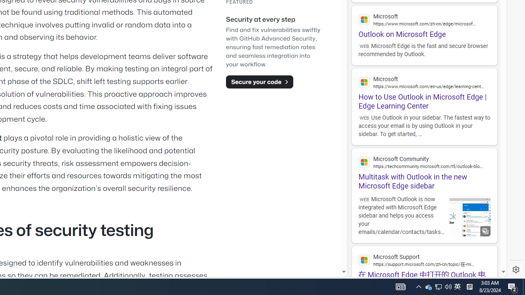 Image resolution: width=525 pixels, height=295 pixels. What do you see at coordinates (424, 162) in the screenshot?
I see `'Microsoft Community'` at bounding box center [424, 162].